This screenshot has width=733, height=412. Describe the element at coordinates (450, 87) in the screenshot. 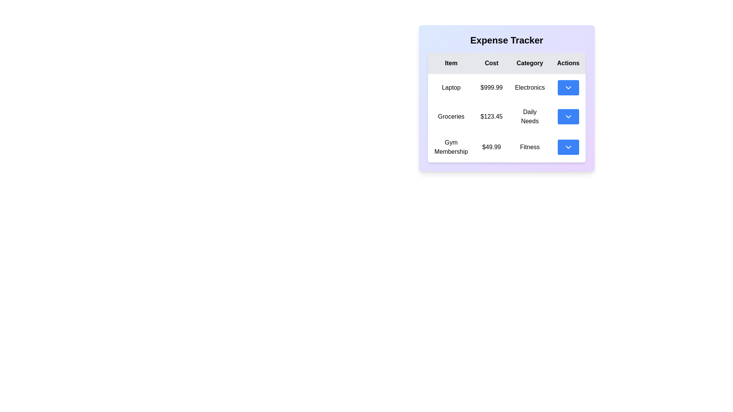

I see `the row containing the 'Laptop' text label for highlighting purposes` at that location.